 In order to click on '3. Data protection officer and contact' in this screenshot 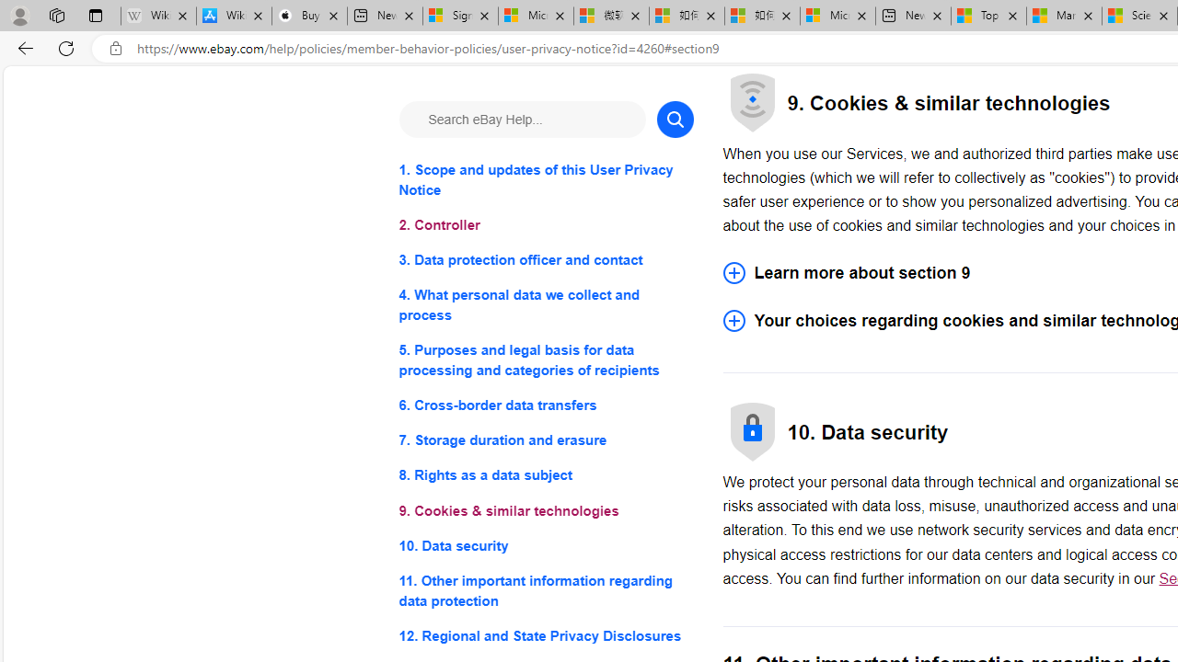, I will do `click(545, 260)`.